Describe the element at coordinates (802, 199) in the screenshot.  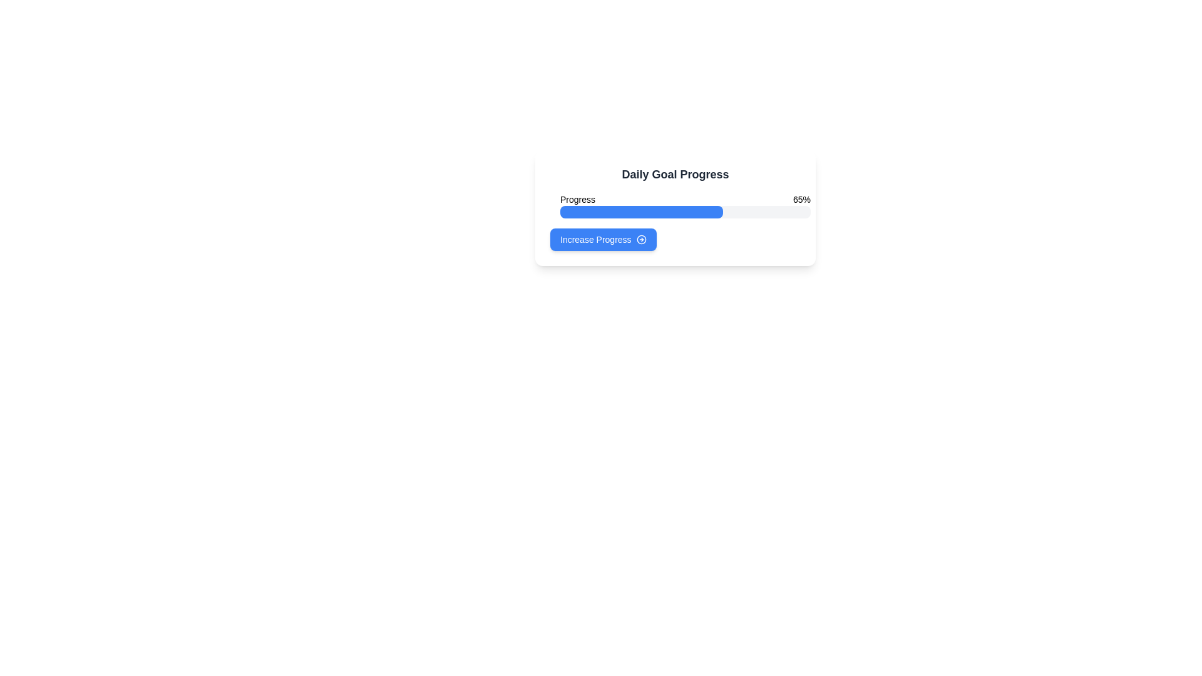
I see `the static text label that displays the current progress percentage, located to the far-right of the 'Progress' label within the 'Daily Goal Progress' card area` at that location.